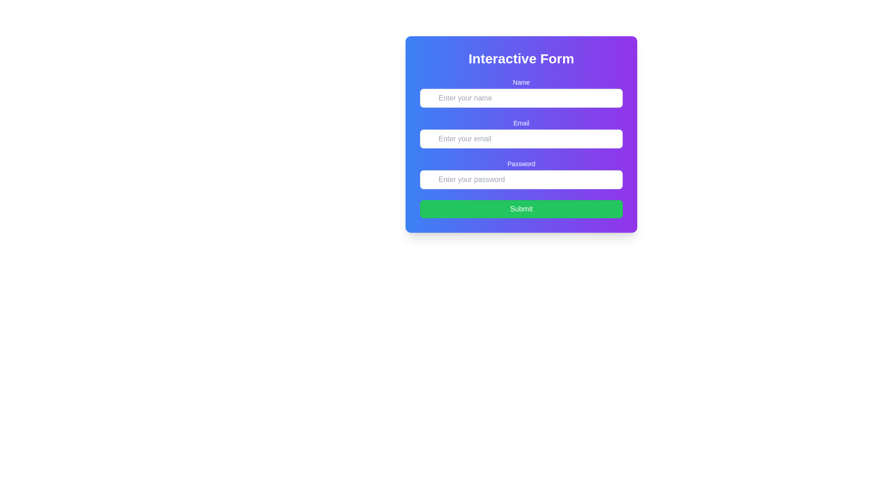 Image resolution: width=869 pixels, height=489 pixels. Describe the element at coordinates (521, 164) in the screenshot. I see `the label that identifies the associated input field for entering a password, which is positioned above the password input field in the form` at that location.